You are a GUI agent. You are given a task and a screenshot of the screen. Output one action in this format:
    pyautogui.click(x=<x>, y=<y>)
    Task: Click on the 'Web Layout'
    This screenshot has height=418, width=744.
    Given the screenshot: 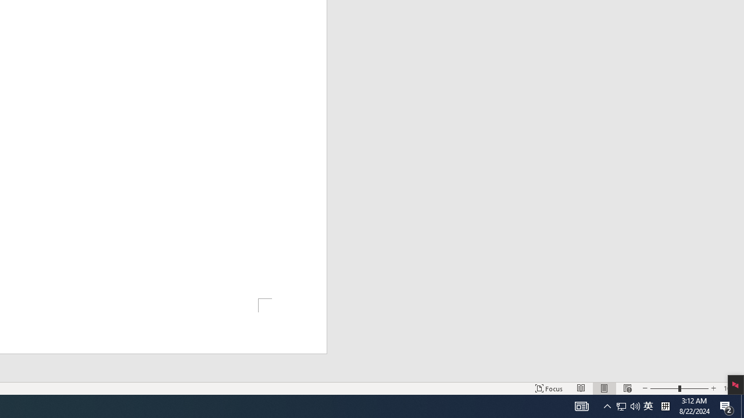 What is the action you would take?
    pyautogui.click(x=627, y=388)
    